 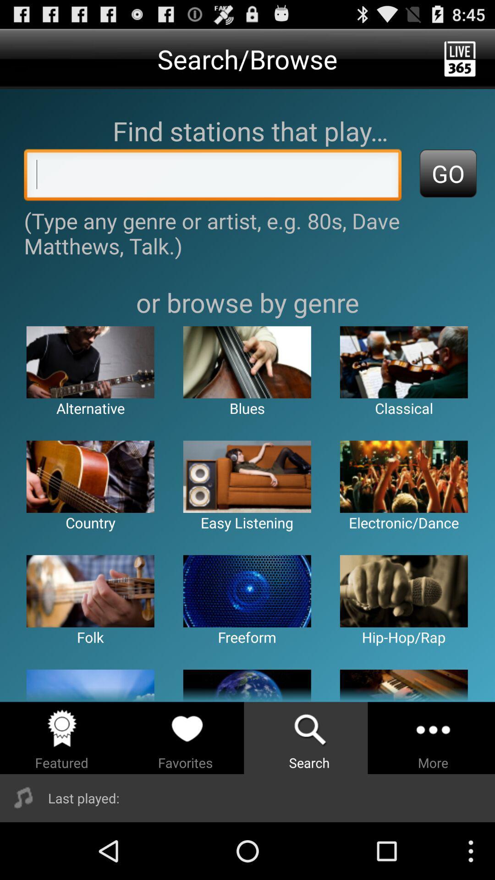 What do you see at coordinates (213, 177) in the screenshot?
I see `put in artist` at bounding box center [213, 177].